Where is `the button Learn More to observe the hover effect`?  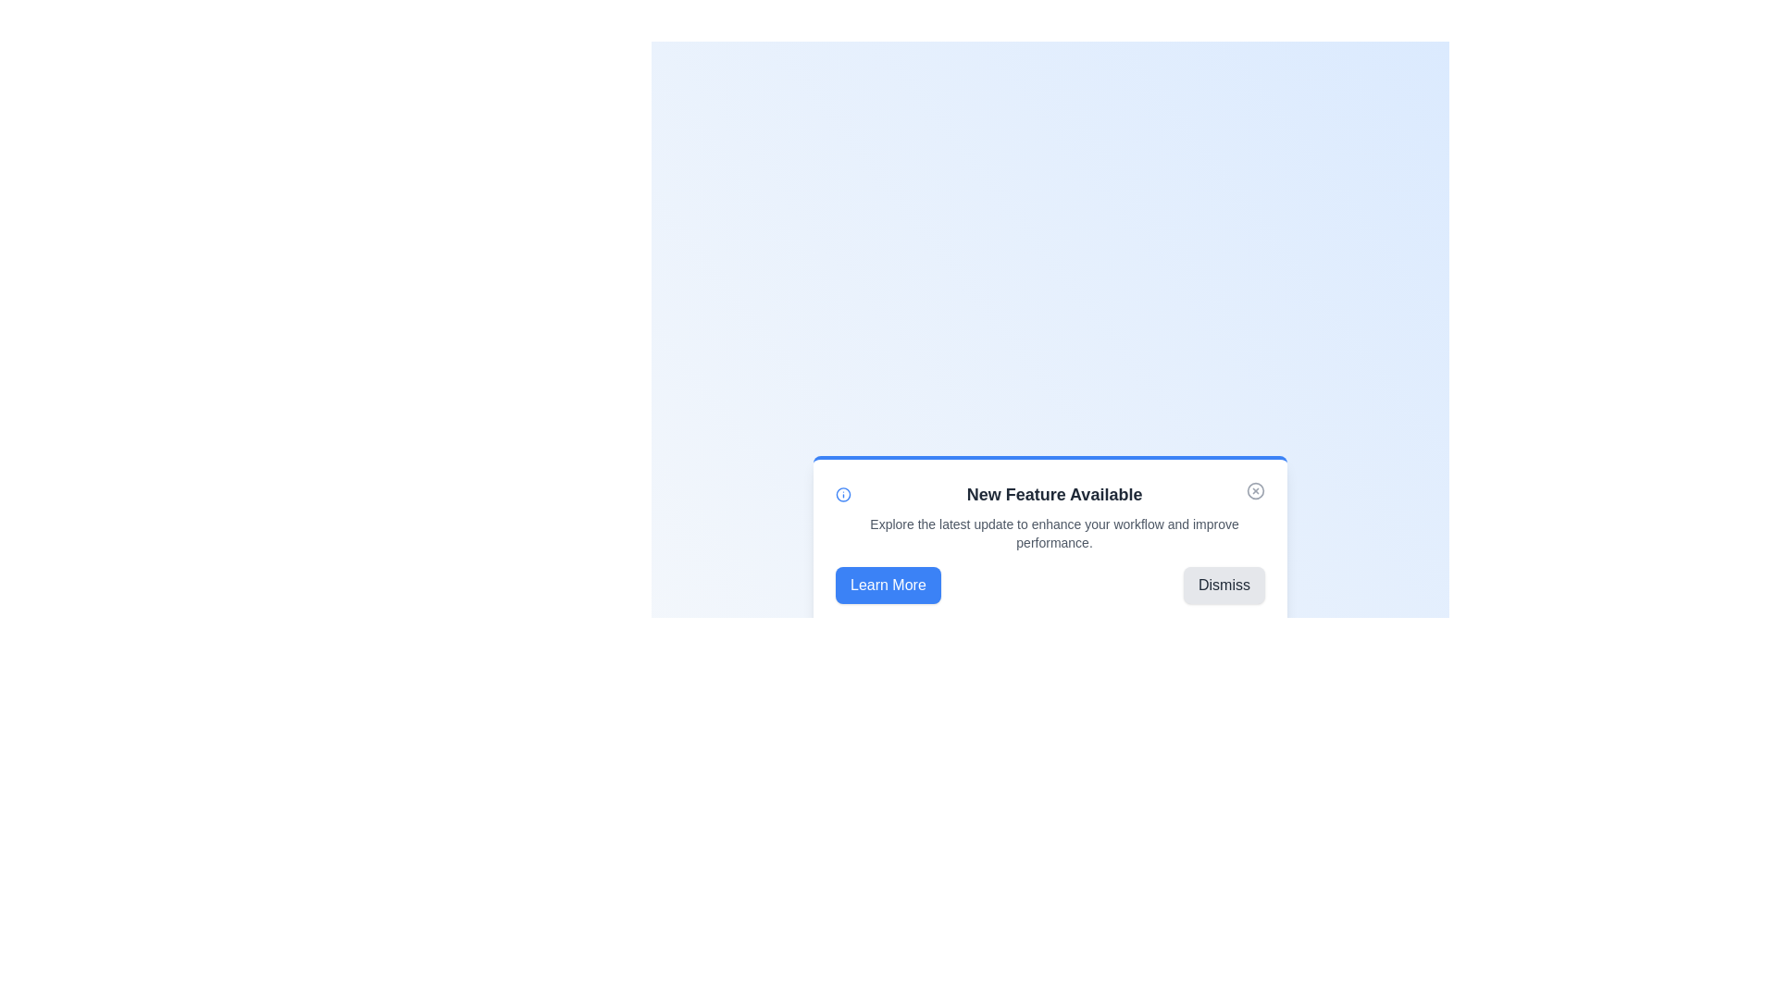
the button Learn More to observe the hover effect is located at coordinates (887, 585).